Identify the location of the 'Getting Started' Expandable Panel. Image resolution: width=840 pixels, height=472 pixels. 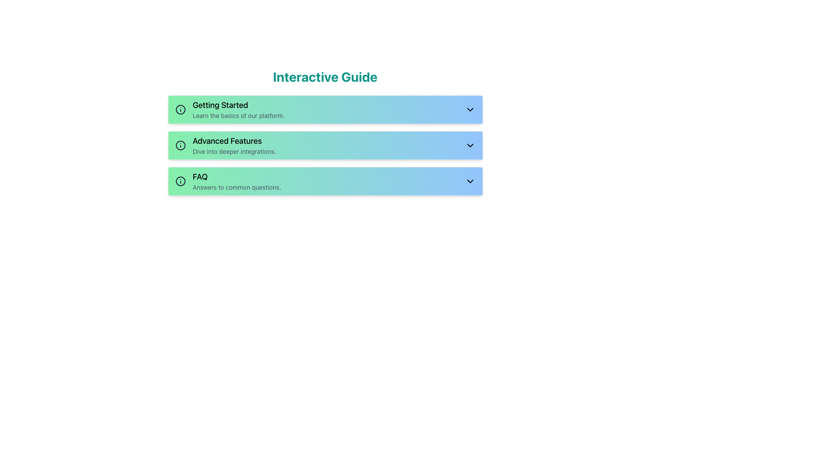
(325, 109).